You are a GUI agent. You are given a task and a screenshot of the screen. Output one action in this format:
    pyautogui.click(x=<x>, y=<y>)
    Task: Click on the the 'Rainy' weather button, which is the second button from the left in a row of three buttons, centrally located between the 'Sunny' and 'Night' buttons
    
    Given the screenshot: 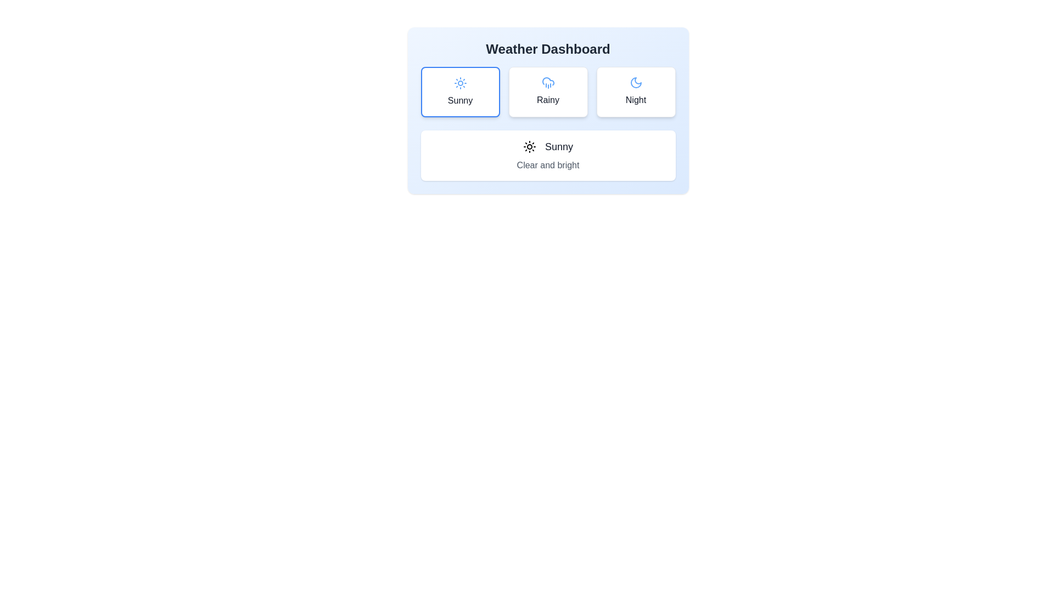 What is the action you would take?
    pyautogui.click(x=548, y=92)
    